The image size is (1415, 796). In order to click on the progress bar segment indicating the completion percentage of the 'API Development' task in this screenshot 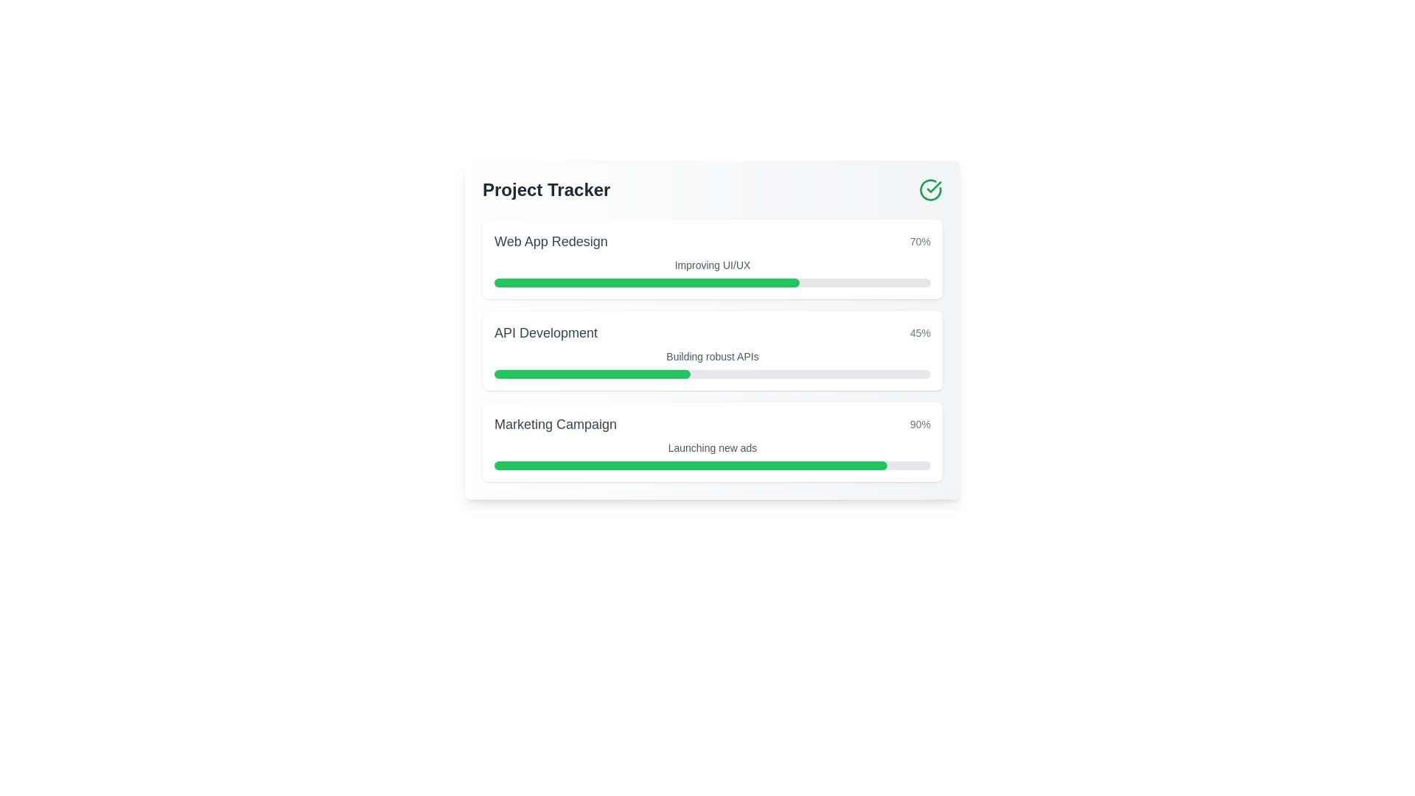, I will do `click(593, 374)`.